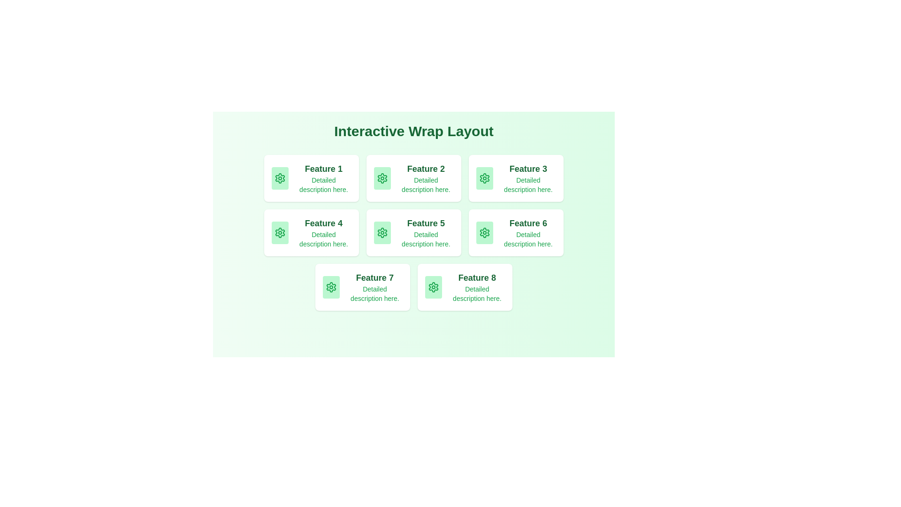  I want to click on text displayed on the third card in the first row of a 4x2 grid layout, positioned to the right of 'Feature 2' and above 'Feature 5', so click(528, 178).